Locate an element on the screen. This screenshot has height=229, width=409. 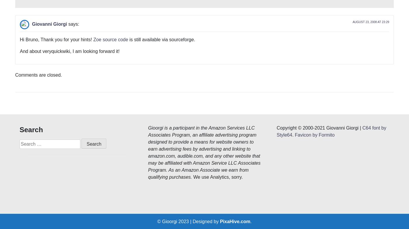
'Favicon by Formito' is located at coordinates (315, 47).